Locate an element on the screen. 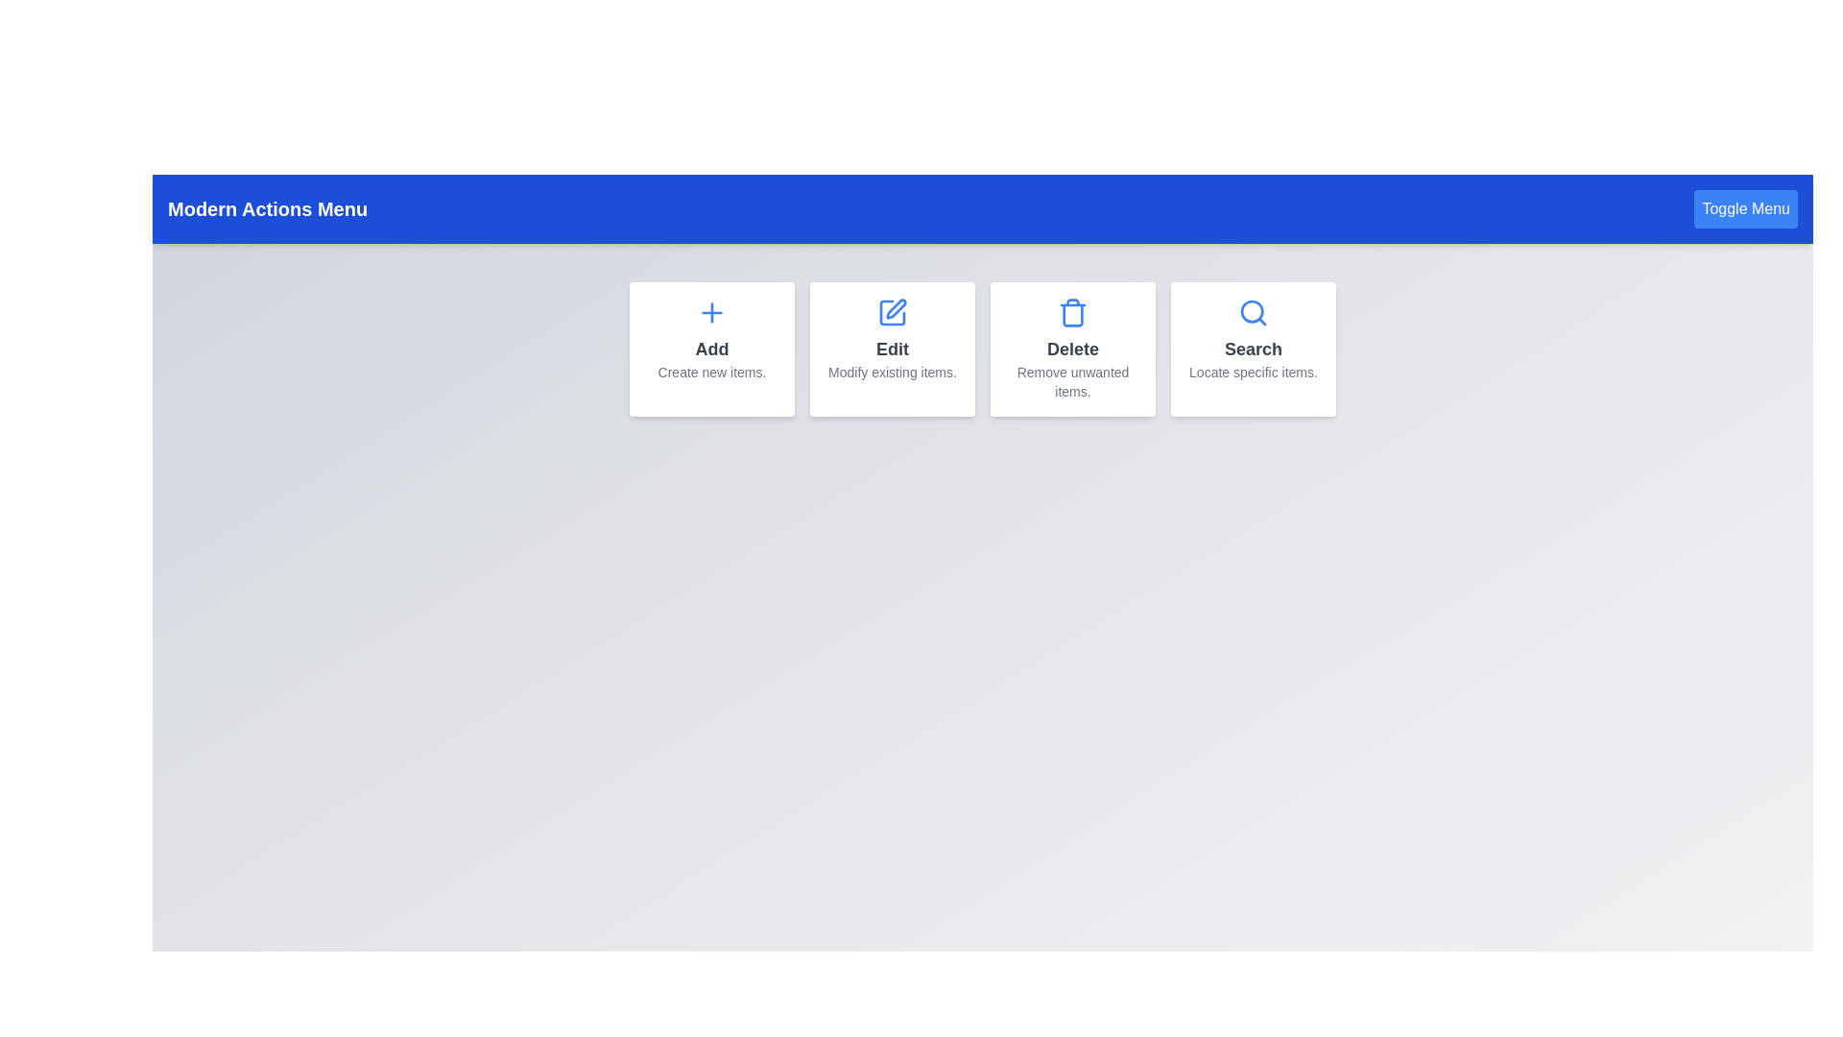 The image size is (1843, 1037). the 'Delete' button to remove unwanted items is located at coordinates (1072, 349).